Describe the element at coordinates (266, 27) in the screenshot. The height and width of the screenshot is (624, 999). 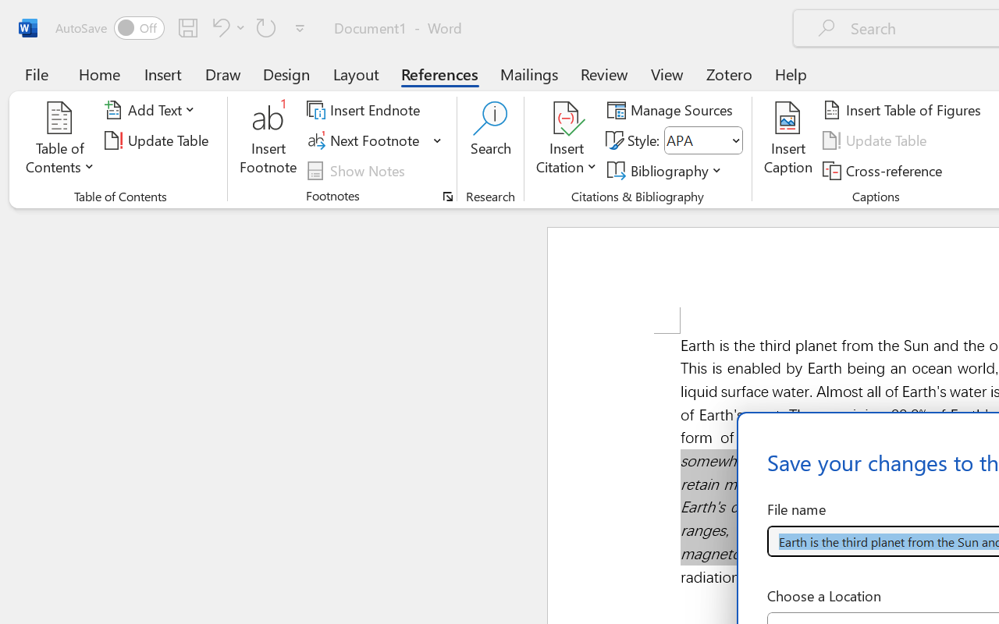
I see `'Repeat Doc Close'` at that location.